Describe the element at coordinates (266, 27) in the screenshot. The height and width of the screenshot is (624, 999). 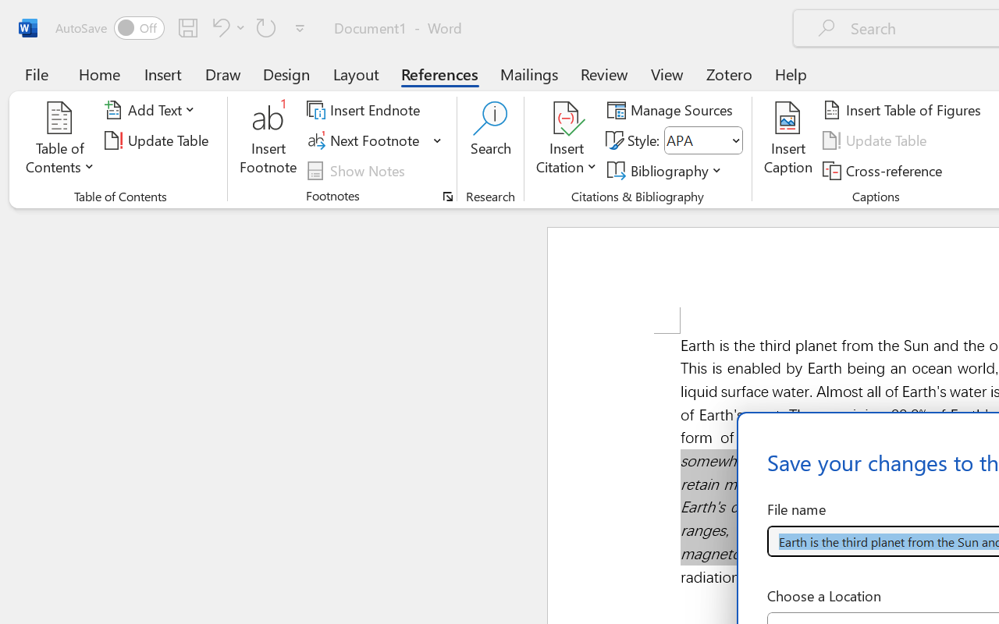
I see `'Repeat Doc Close'` at that location.